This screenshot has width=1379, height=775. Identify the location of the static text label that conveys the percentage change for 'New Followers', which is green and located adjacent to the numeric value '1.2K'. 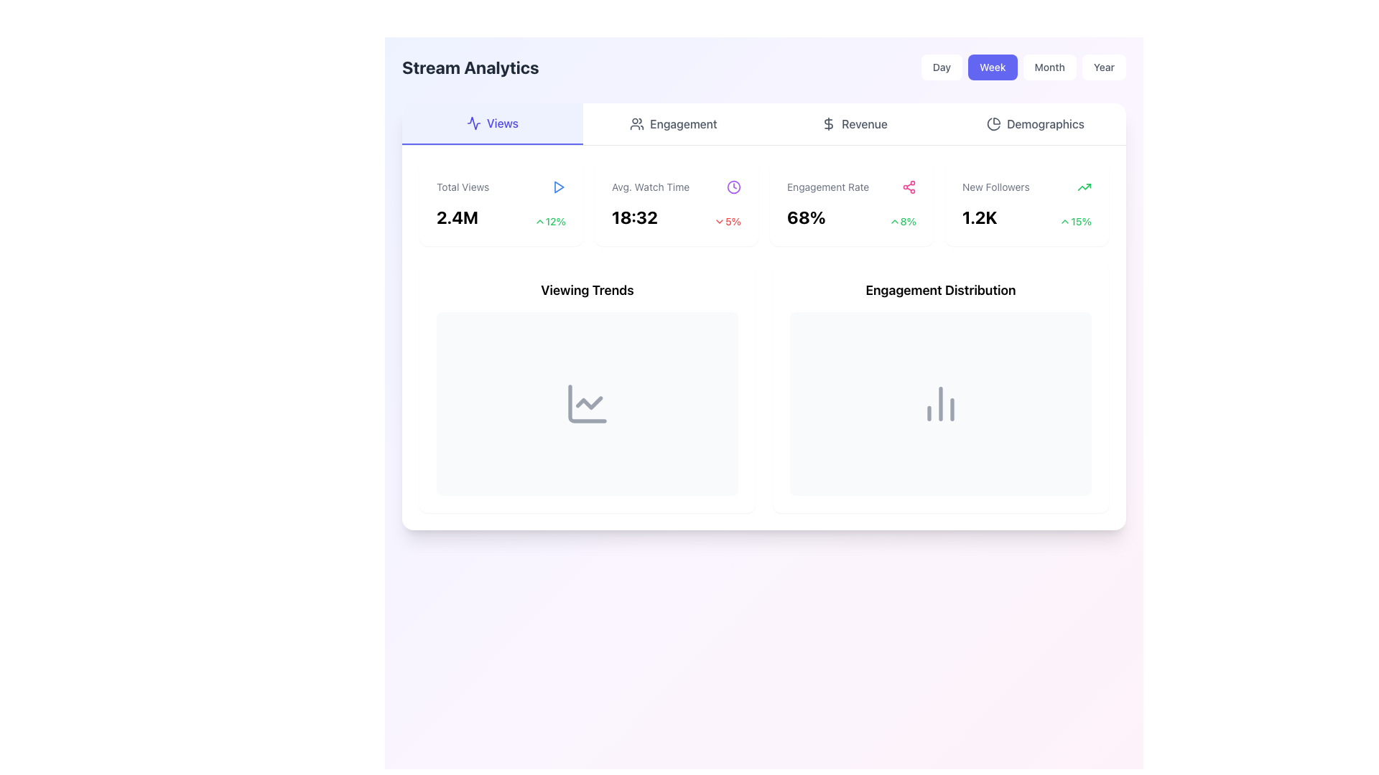
(1081, 221).